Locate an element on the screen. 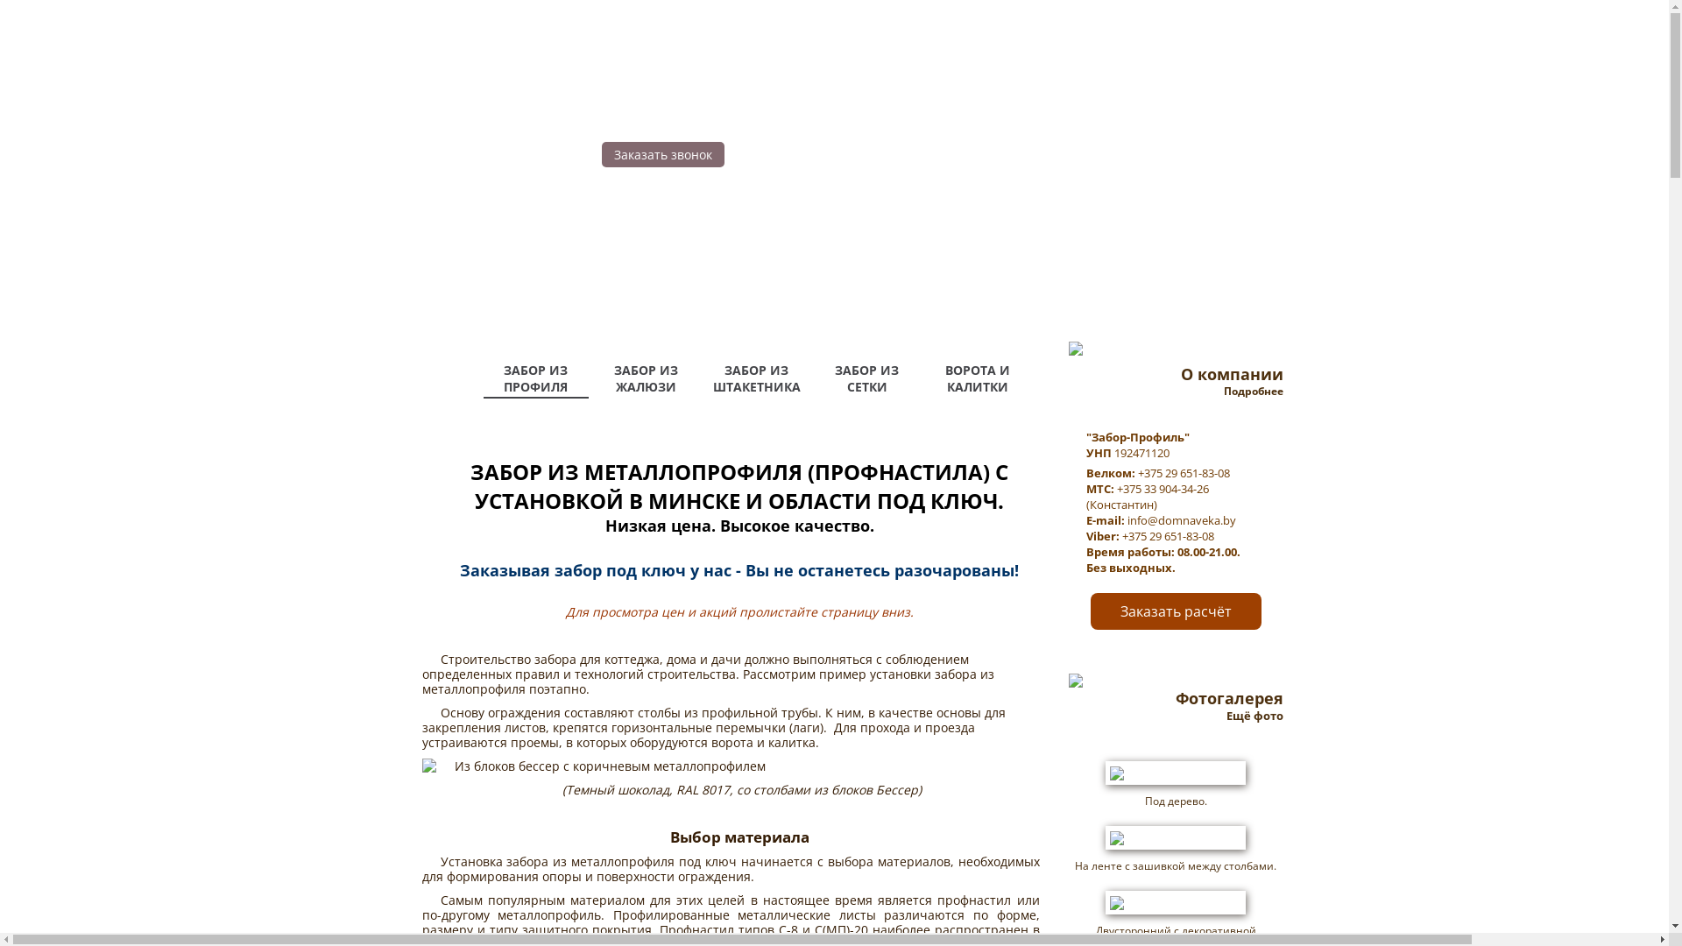 The width and height of the screenshot is (1682, 946). '+375 33 904-34-26' is located at coordinates (1114, 489).